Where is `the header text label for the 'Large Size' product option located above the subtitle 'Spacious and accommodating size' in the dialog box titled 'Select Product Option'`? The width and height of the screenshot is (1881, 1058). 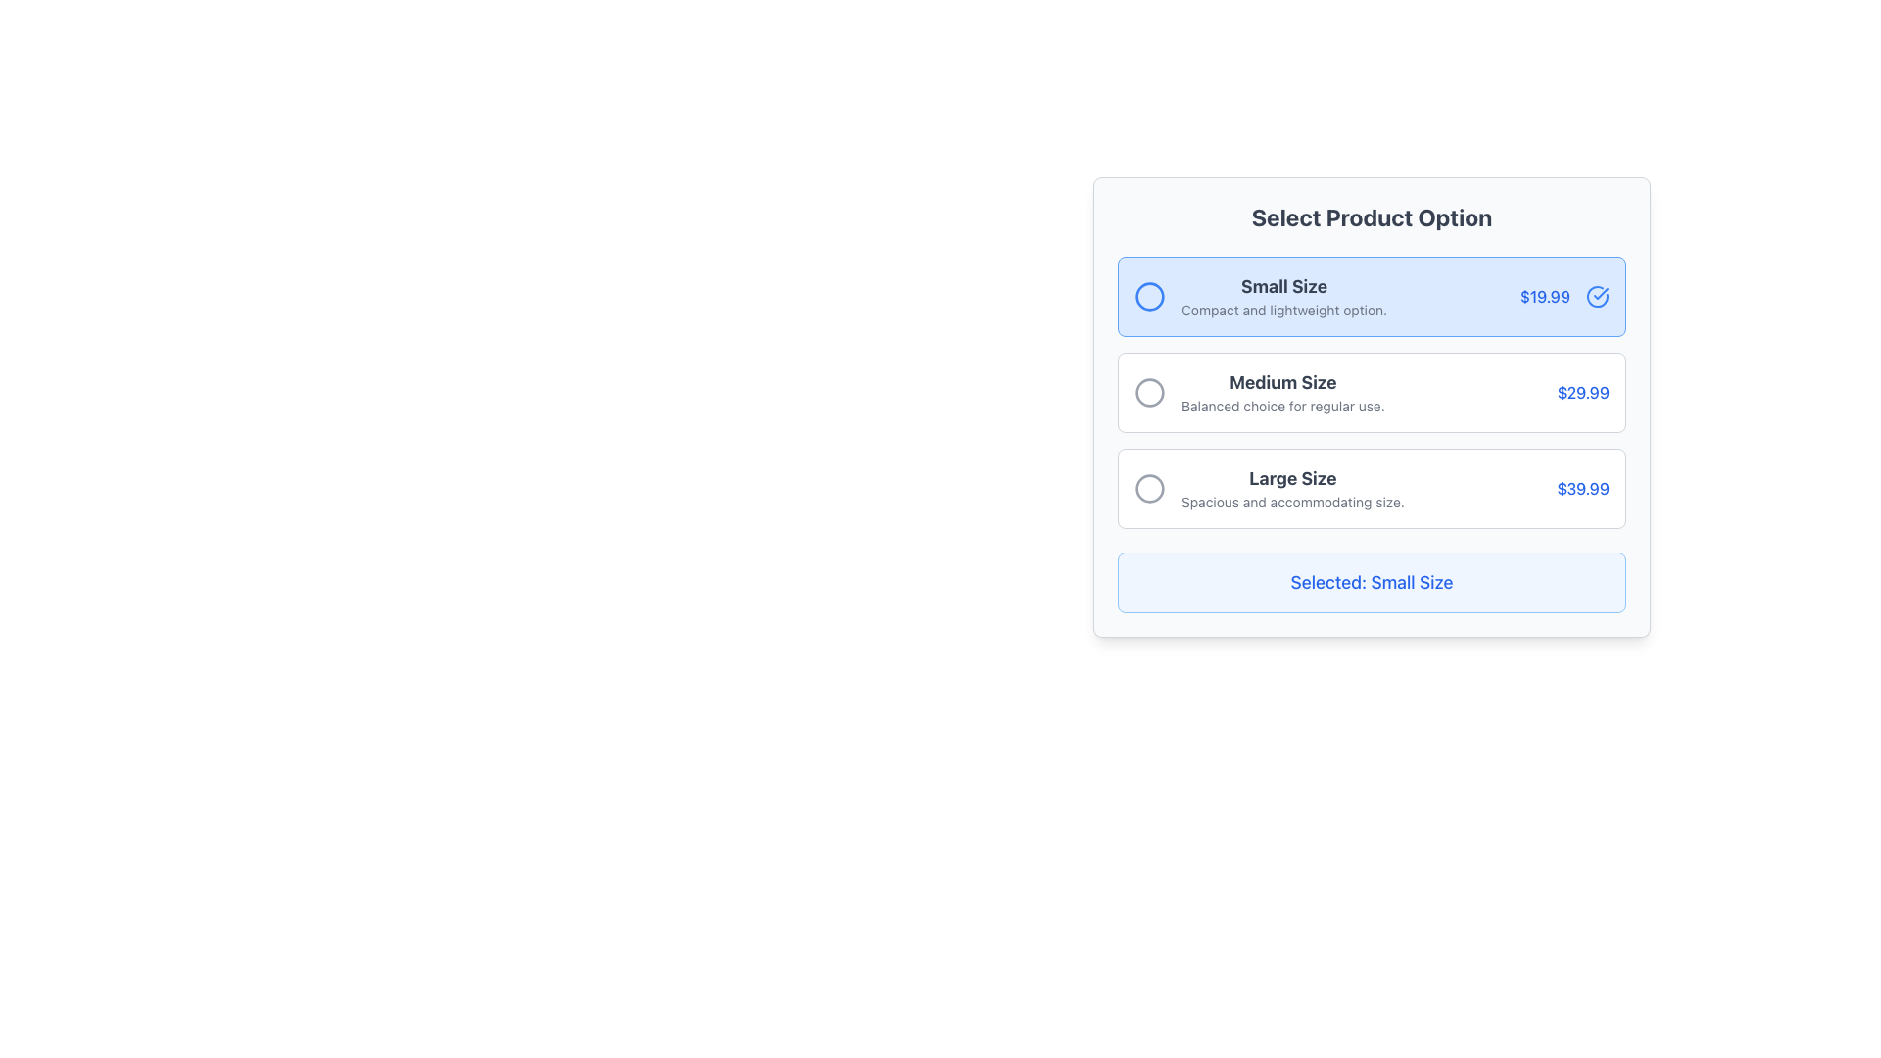 the header text label for the 'Large Size' product option located above the subtitle 'Spacious and accommodating size' in the dialog box titled 'Select Product Option' is located at coordinates (1293, 479).